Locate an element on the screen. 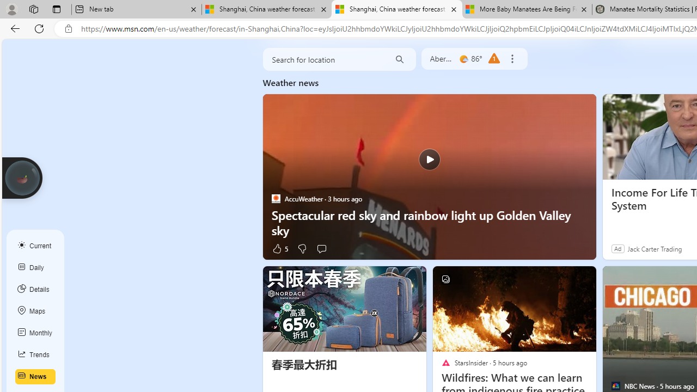 Image resolution: width=697 pixels, height=392 pixels. 'Daily' is located at coordinates (35, 268).